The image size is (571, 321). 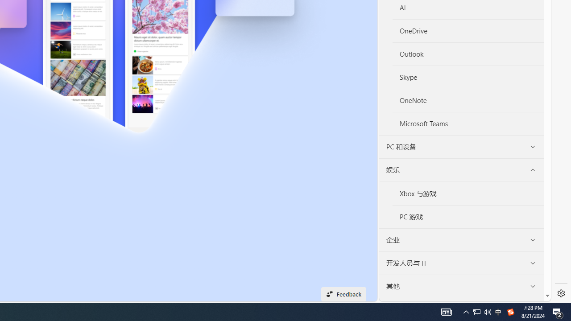 I want to click on 'Microsoft Teams', so click(x=468, y=123).